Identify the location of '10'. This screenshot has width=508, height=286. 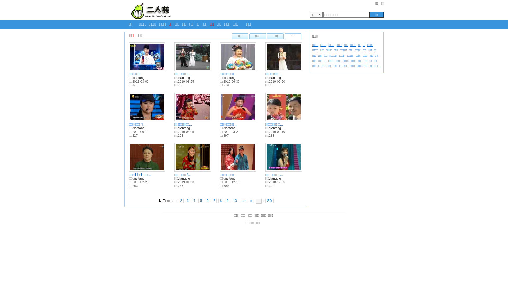
(231, 201).